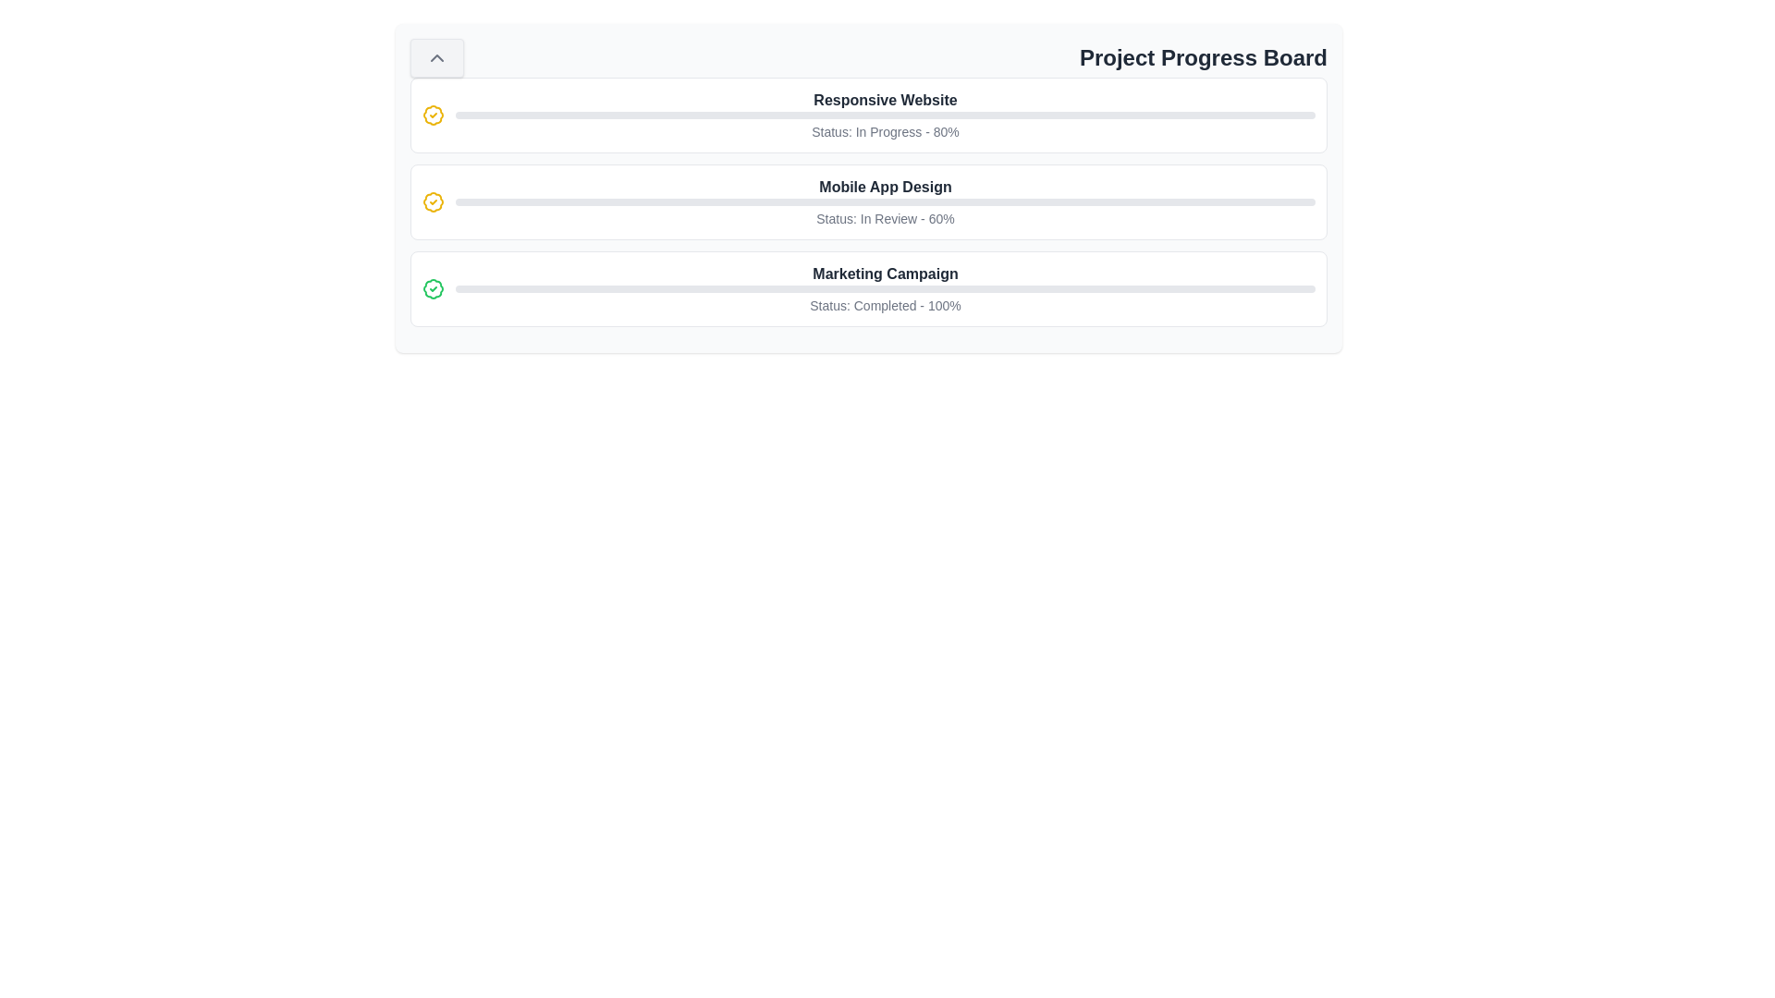  I want to click on the horizontal progress bar in the 'Marketing Campaign' section, which is styled with a light gray background and a blue segment indicating progress, so click(885, 288).